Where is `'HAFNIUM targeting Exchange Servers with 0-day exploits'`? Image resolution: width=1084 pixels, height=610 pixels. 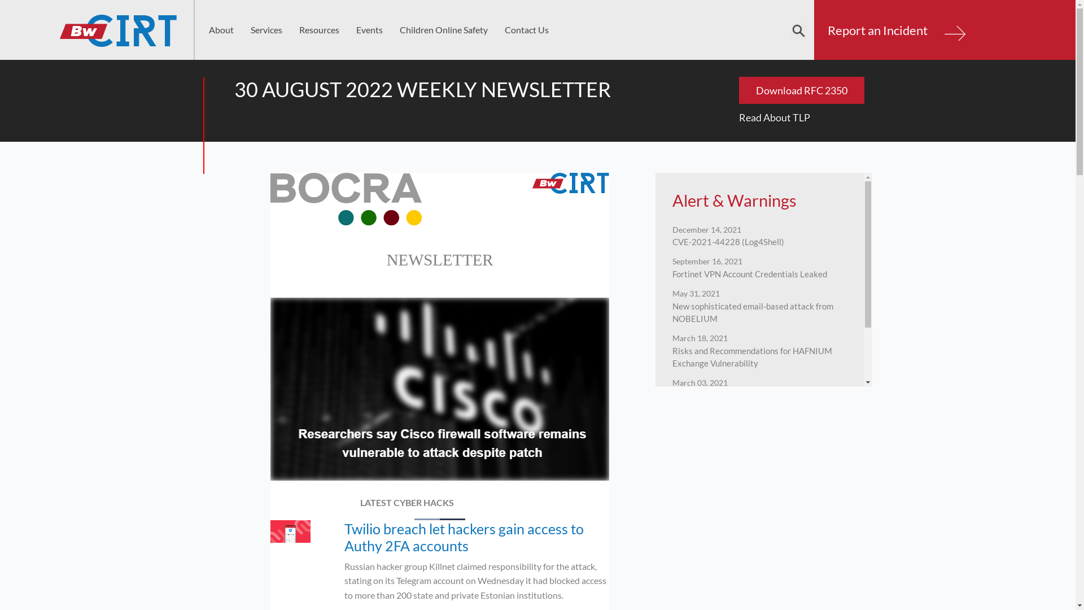 'HAFNIUM targeting Exchange Servers with 0-day exploits' is located at coordinates (758, 398).